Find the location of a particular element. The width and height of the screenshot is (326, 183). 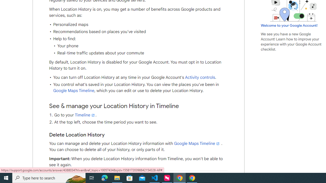

'Activity controls' is located at coordinates (200, 78).